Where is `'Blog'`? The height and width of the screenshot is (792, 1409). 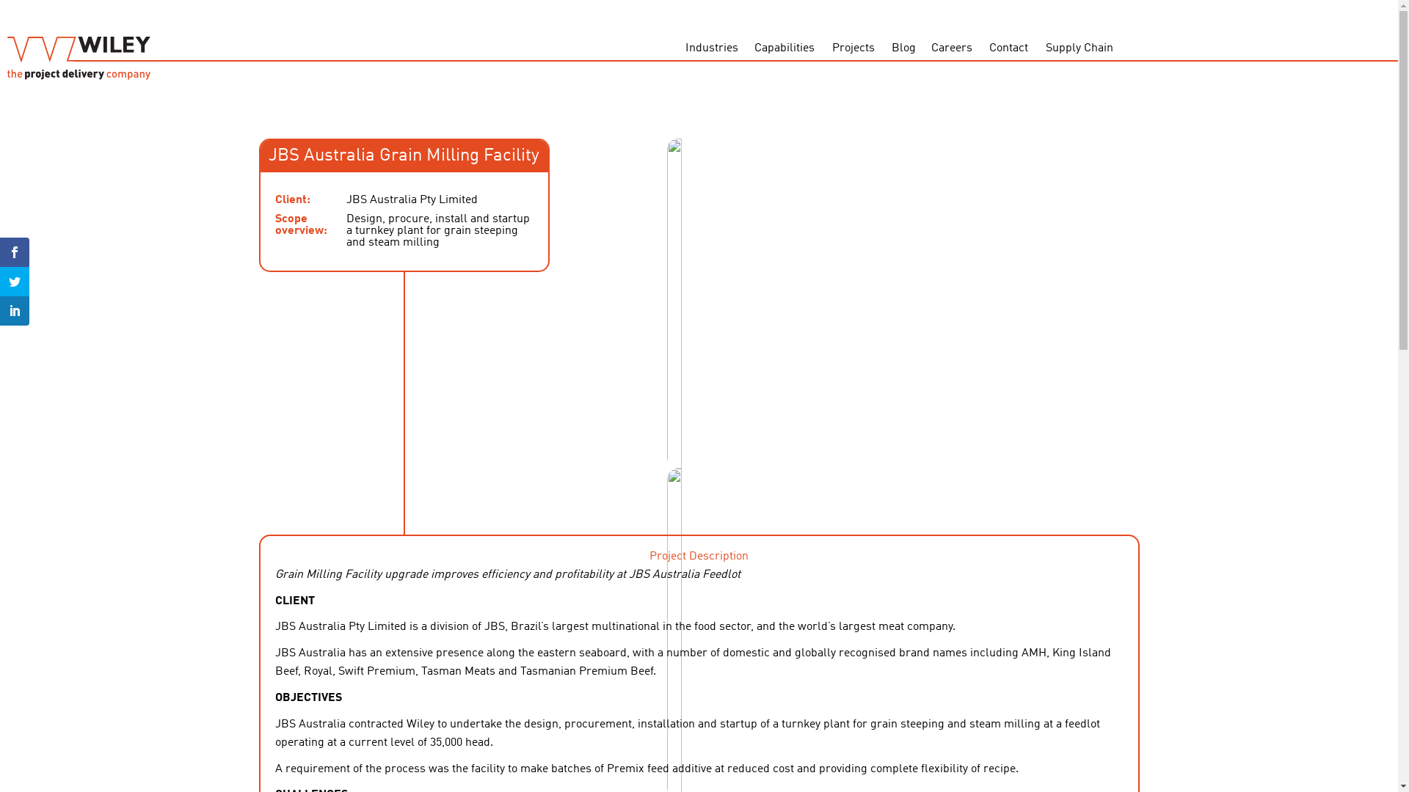 'Blog' is located at coordinates (883, 48).